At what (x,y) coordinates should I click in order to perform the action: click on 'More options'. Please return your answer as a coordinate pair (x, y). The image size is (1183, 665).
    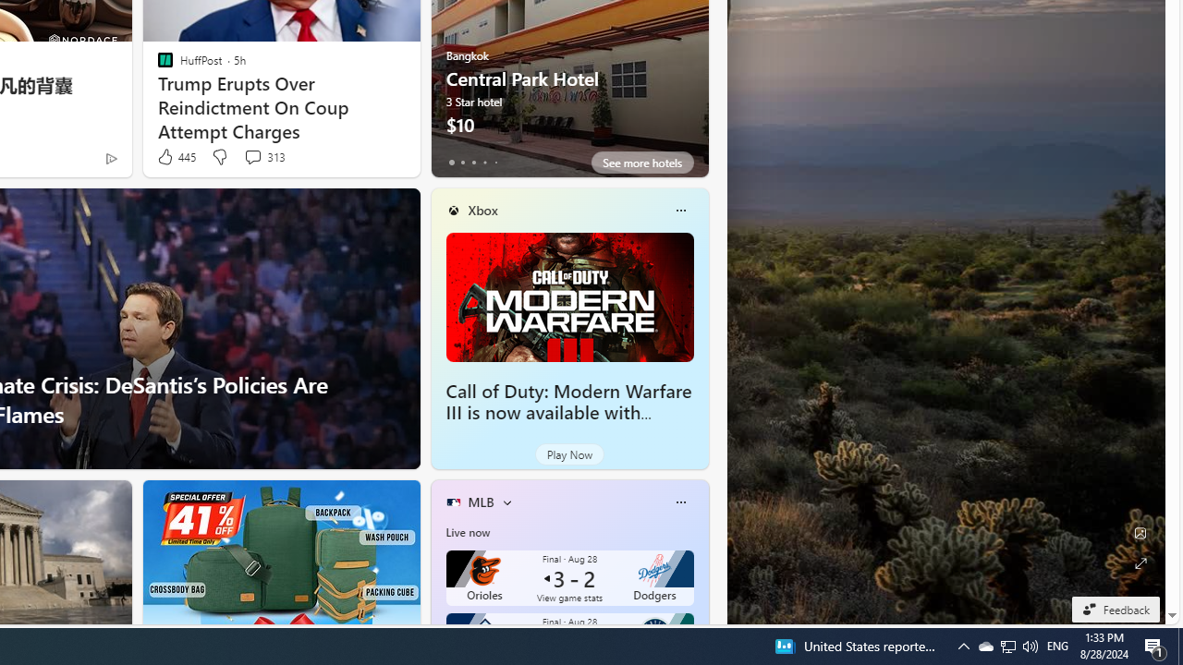
    Looking at the image, I should click on (679, 502).